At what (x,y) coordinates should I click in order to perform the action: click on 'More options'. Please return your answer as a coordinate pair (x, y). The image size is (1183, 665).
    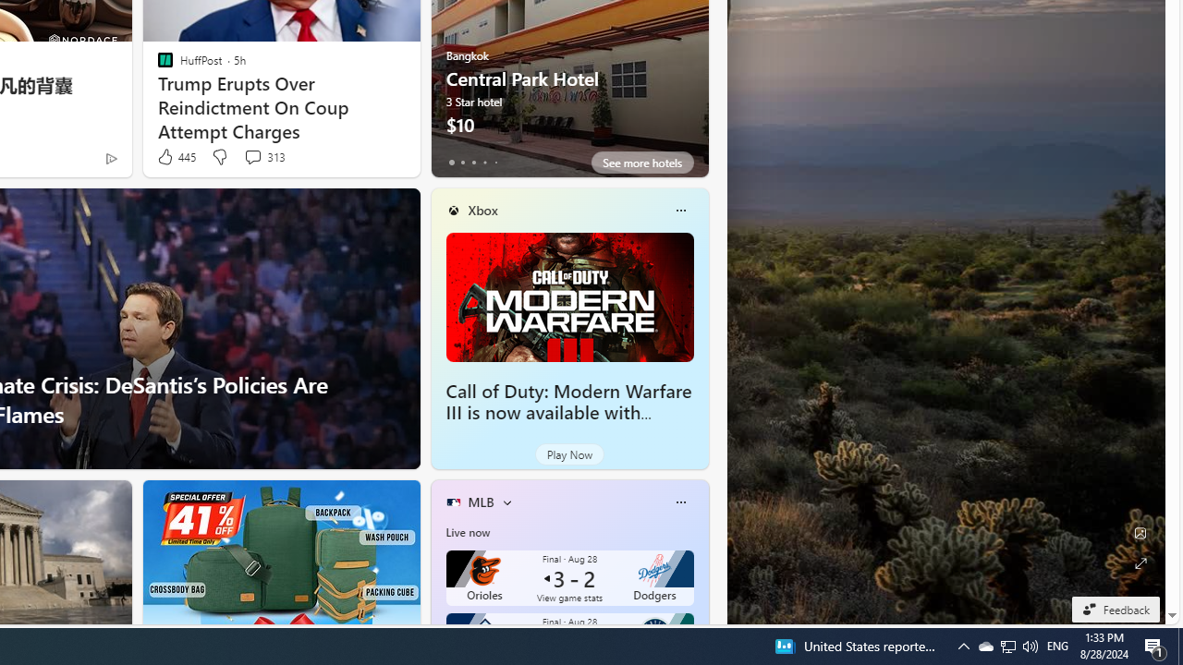
    Looking at the image, I should click on (679, 502).